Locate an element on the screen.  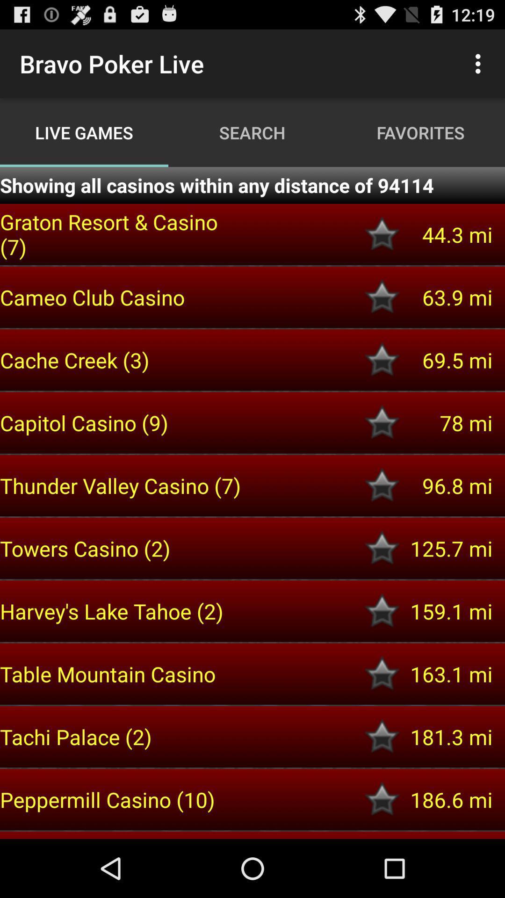
like button is located at coordinates (382, 359).